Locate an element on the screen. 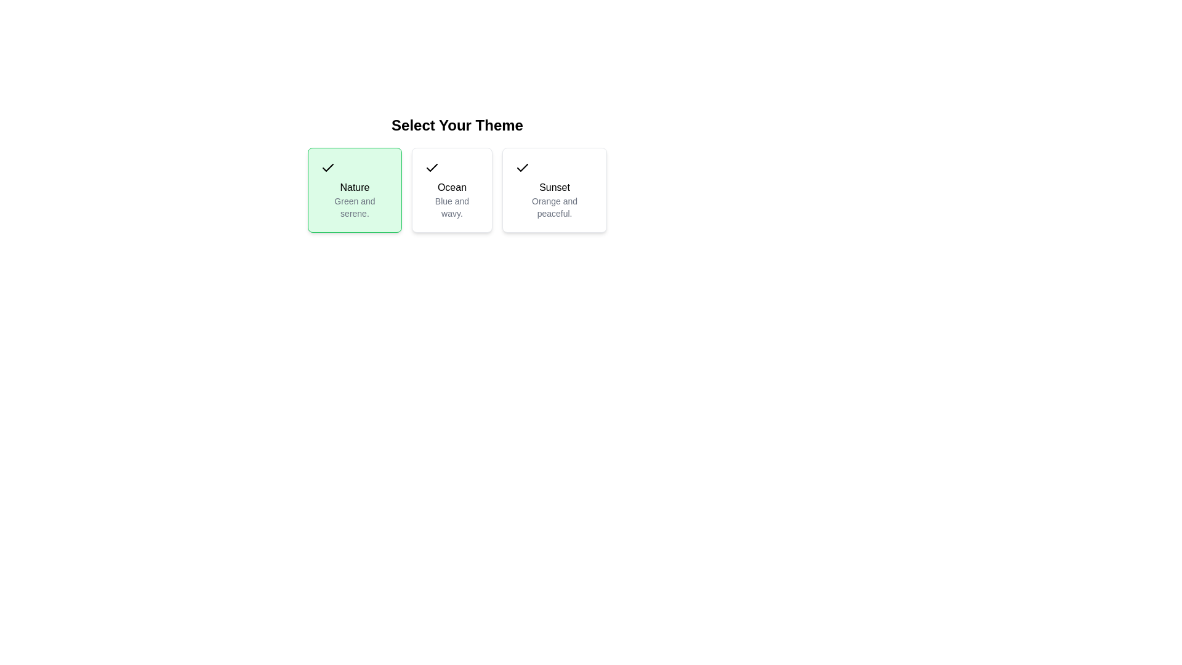 The height and width of the screenshot is (665, 1182). the 'Nature' text label in the first card, which indicates the theme for selection, located centrally above the description 'Green and serene.' is located at coordinates (354, 187).